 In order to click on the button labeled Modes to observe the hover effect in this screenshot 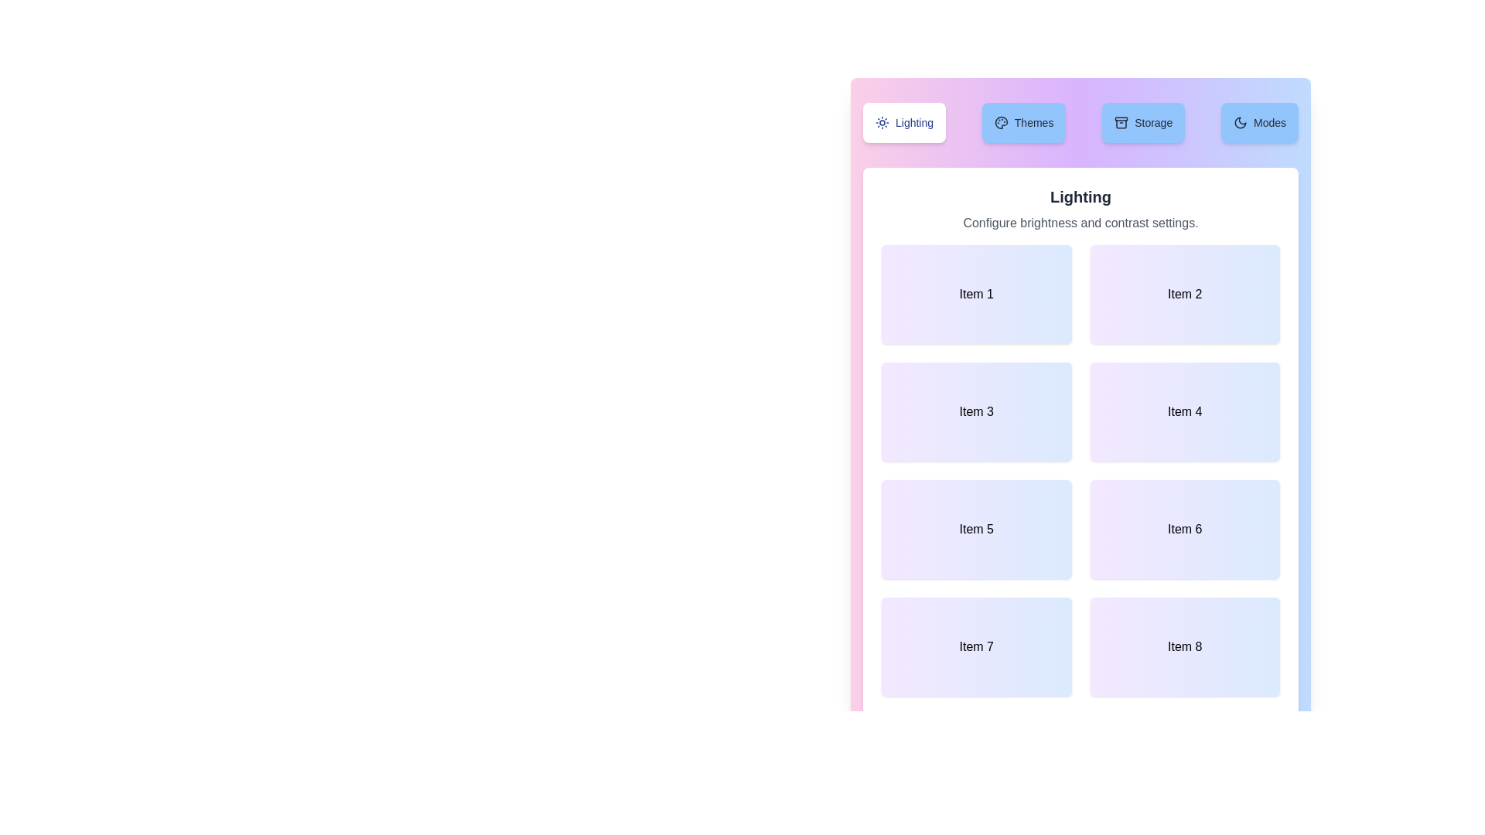, I will do `click(1259, 121)`.